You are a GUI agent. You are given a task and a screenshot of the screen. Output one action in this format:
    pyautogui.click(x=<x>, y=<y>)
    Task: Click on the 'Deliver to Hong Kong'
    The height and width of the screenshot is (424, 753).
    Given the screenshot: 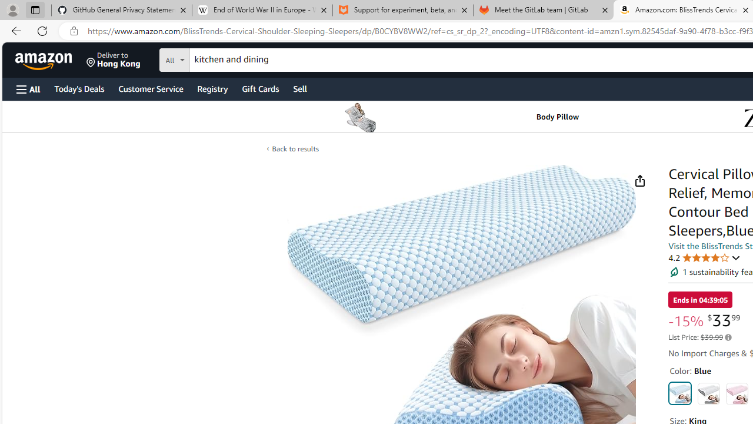 What is the action you would take?
    pyautogui.click(x=114, y=59)
    